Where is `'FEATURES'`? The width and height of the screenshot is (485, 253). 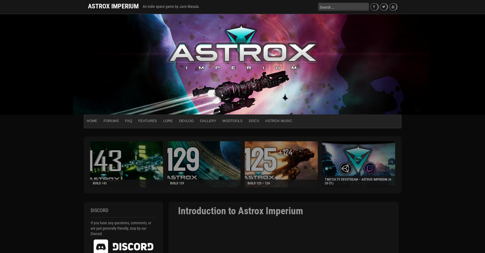 'FEATURES' is located at coordinates (147, 120).